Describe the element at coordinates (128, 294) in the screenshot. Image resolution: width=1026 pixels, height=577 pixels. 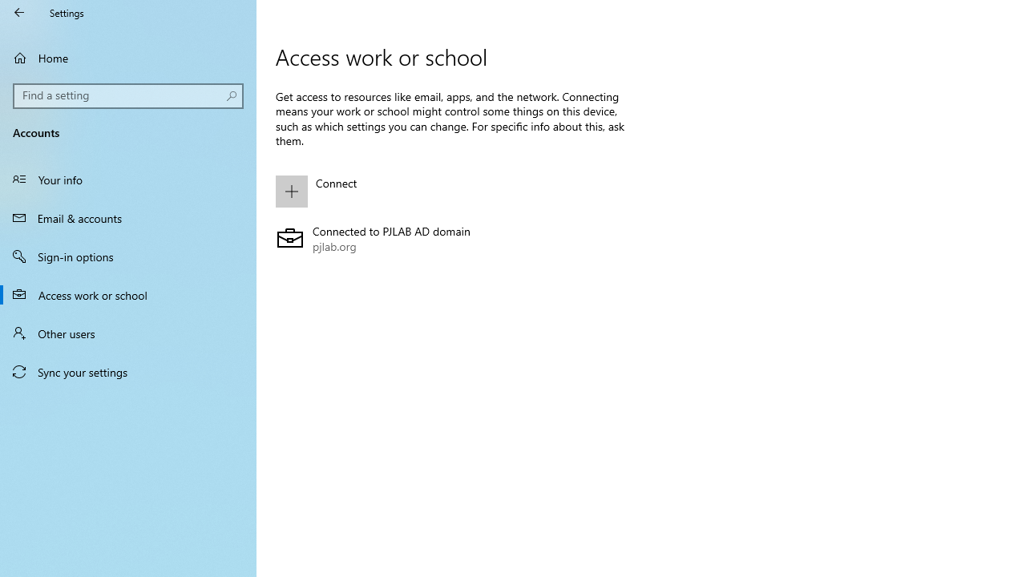
I see `'Access work or school'` at that location.